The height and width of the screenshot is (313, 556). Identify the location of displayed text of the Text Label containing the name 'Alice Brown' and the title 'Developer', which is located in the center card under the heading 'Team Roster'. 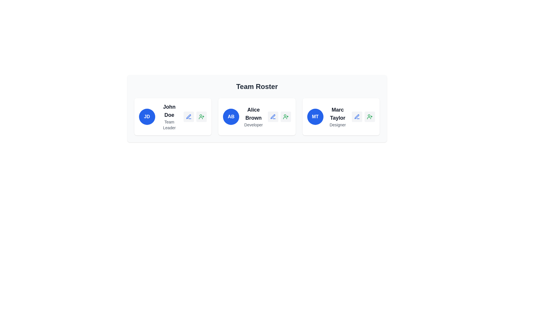
(253, 117).